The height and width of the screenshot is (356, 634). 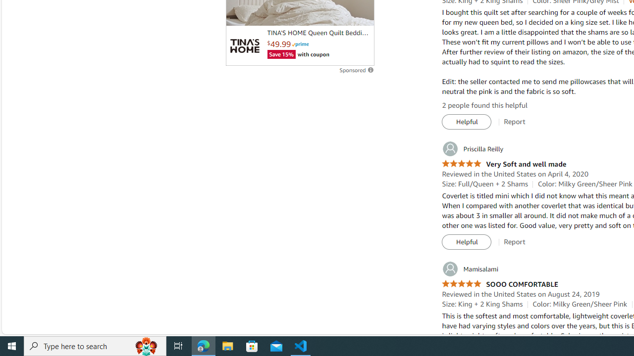 I want to click on 'Prime', so click(x=300, y=44).